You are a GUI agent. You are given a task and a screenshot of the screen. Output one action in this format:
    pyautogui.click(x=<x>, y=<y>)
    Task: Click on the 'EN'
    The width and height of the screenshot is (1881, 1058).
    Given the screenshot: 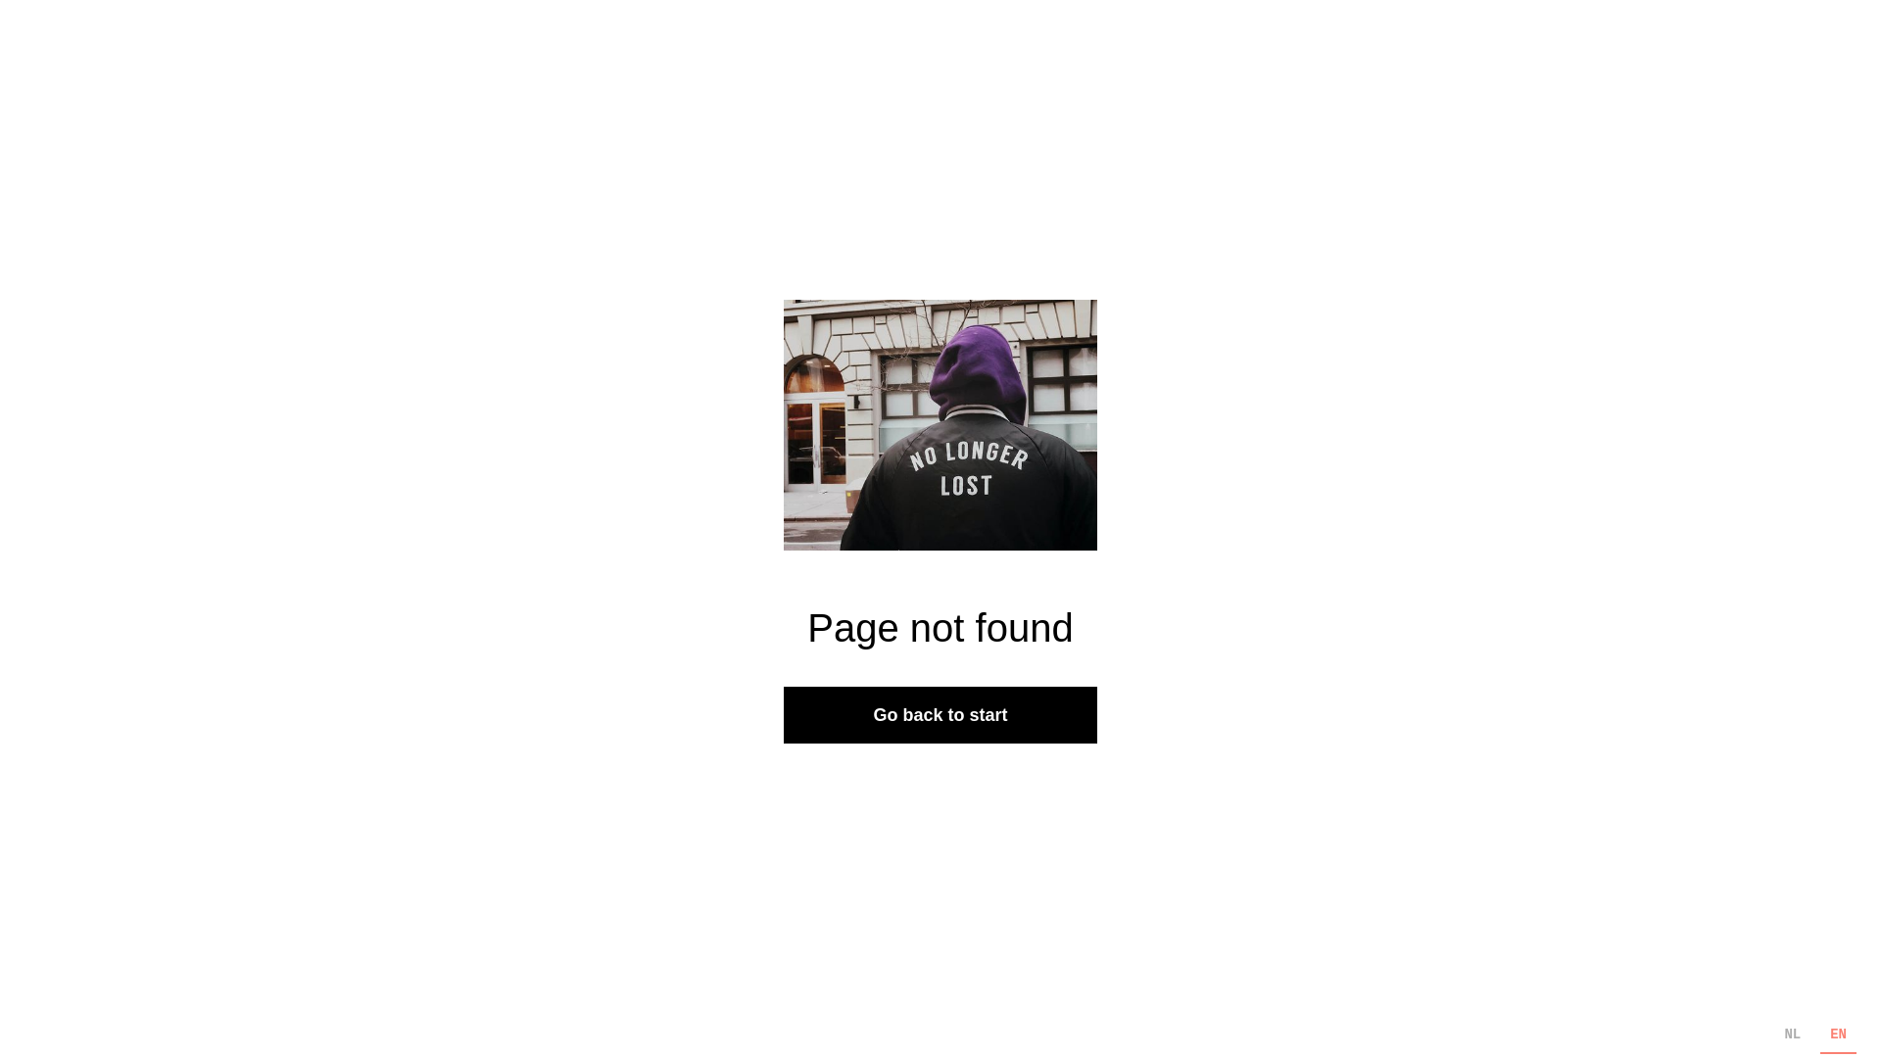 What is the action you would take?
    pyautogui.click(x=1837, y=1034)
    